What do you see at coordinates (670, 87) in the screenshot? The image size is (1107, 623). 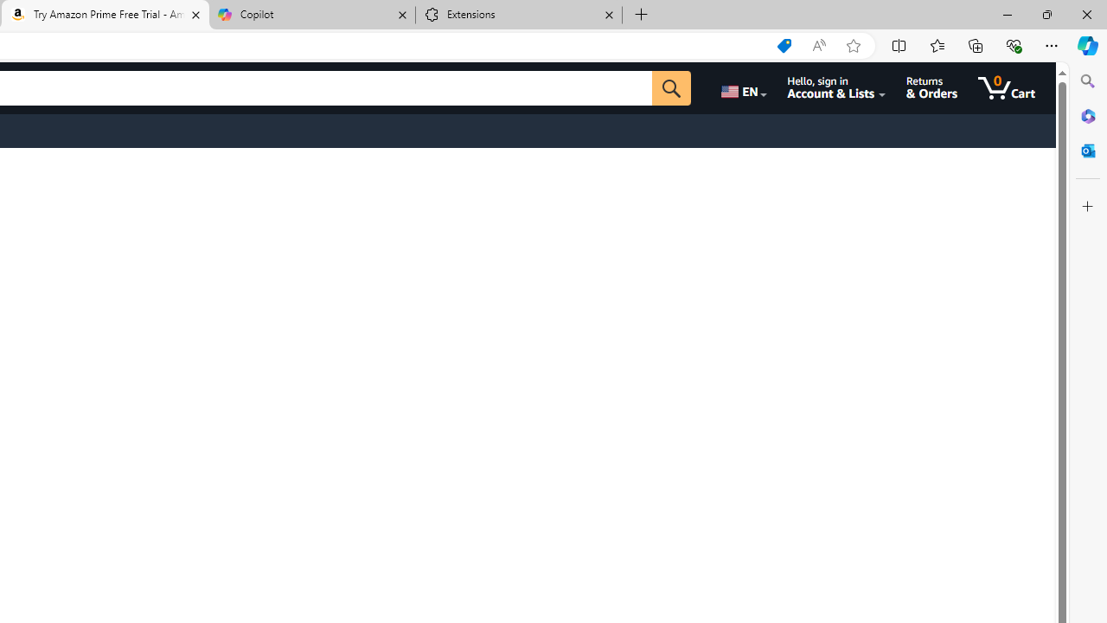 I see `'Go'` at bounding box center [670, 87].